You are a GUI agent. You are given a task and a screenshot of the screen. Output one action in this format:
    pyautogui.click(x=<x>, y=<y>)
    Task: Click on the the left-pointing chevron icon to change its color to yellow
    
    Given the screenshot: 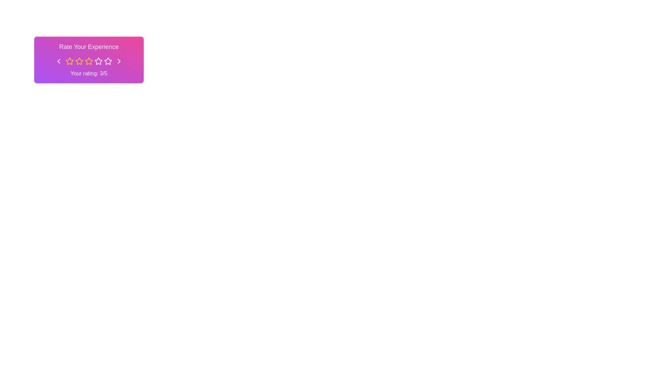 What is the action you would take?
    pyautogui.click(x=59, y=61)
    